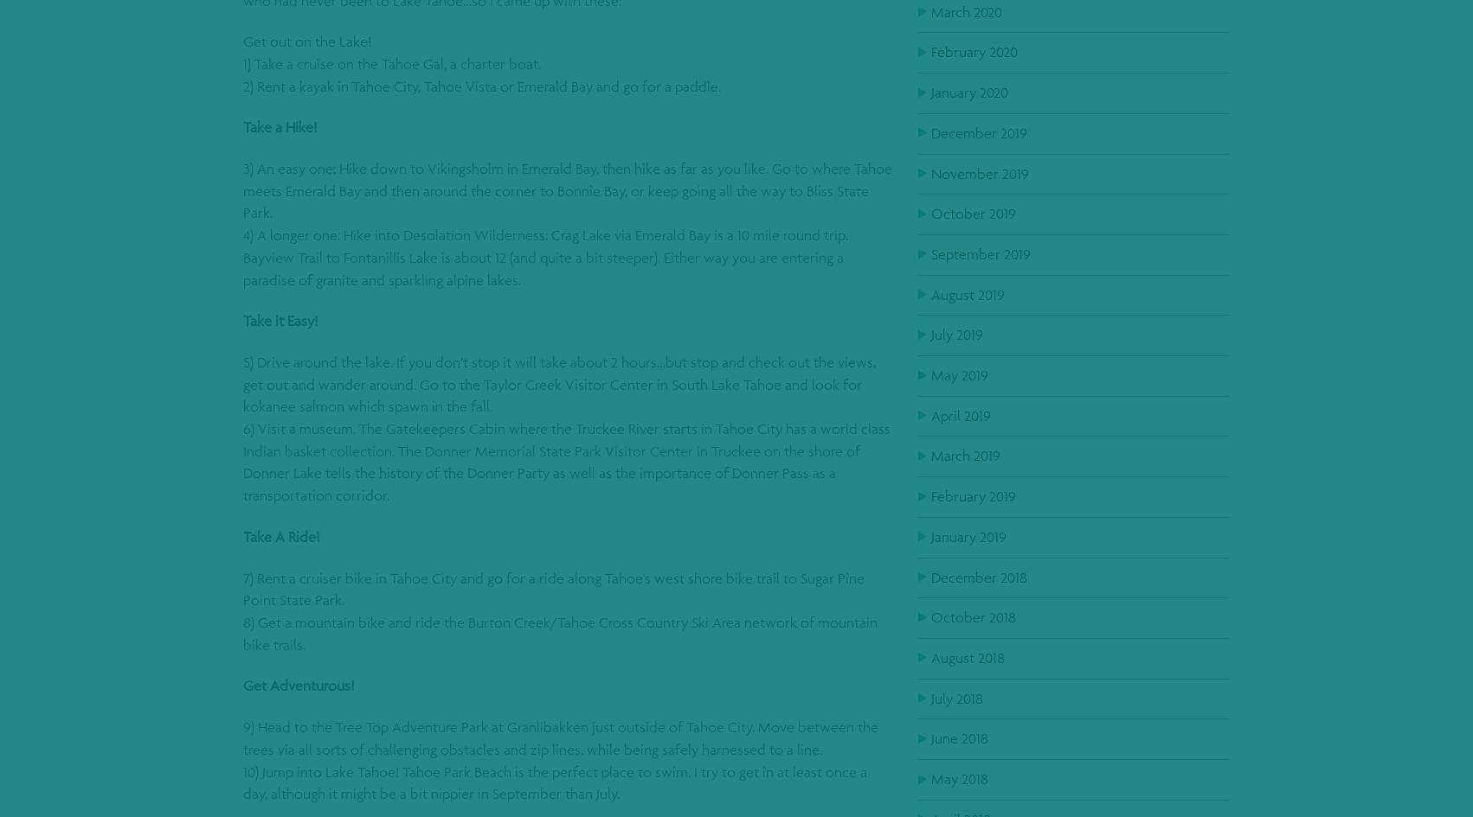 The image size is (1473, 817). I want to click on 'March 2020', so click(966, 11).